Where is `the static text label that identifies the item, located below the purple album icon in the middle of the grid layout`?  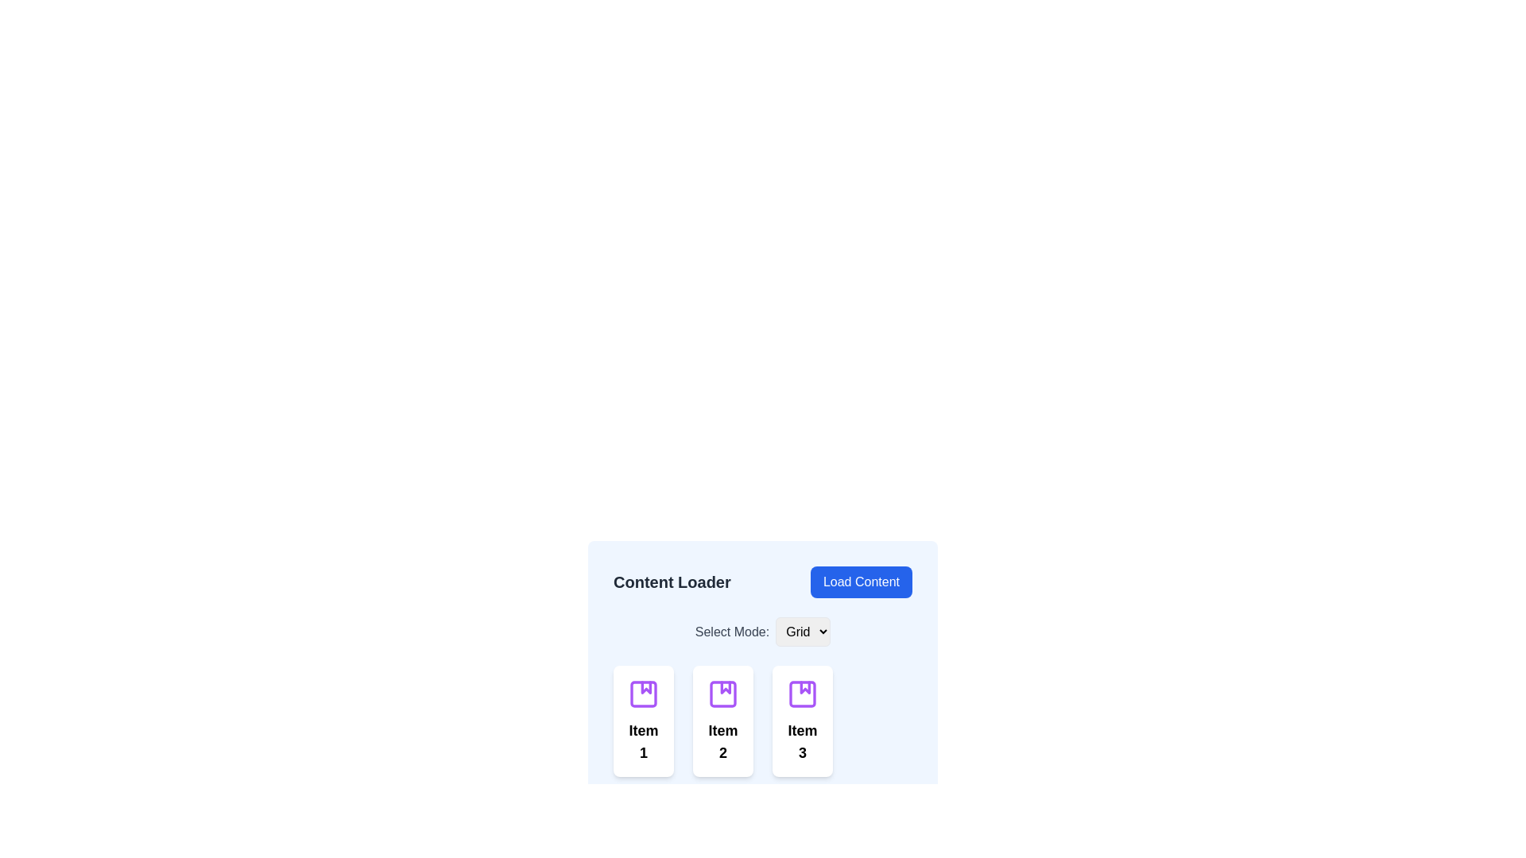 the static text label that identifies the item, located below the purple album icon in the middle of the grid layout is located at coordinates (722, 741).